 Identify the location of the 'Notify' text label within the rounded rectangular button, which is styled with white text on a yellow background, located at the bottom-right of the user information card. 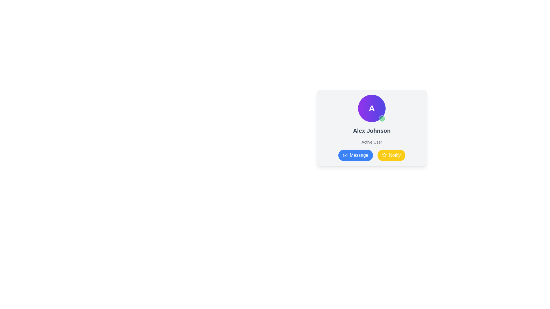
(394, 155).